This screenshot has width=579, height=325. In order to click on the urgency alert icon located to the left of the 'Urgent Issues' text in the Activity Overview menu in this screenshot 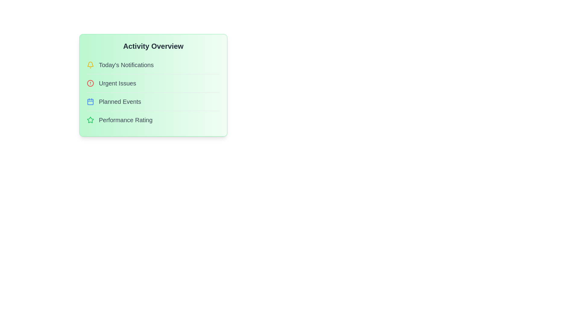, I will do `click(90, 83)`.